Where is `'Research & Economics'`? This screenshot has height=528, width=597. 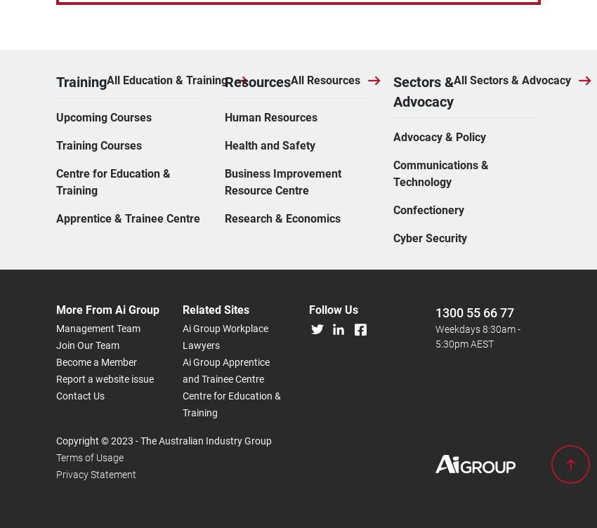 'Research & Economics' is located at coordinates (282, 61).